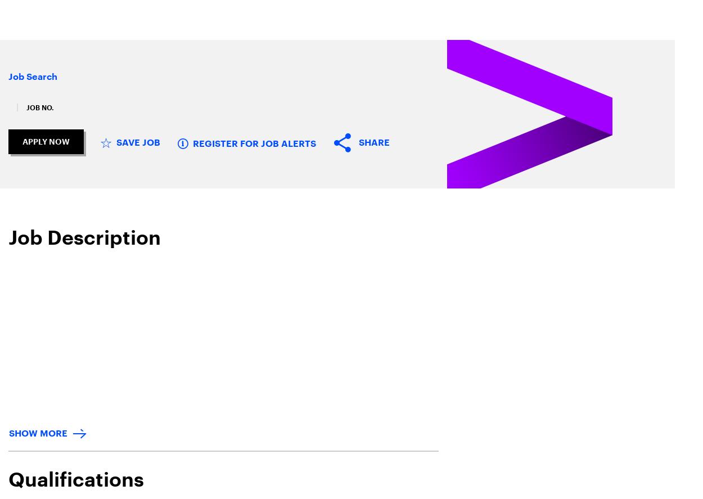 This screenshot has height=499, width=703. I want to click on 'Join Our Team', so click(20, 460).